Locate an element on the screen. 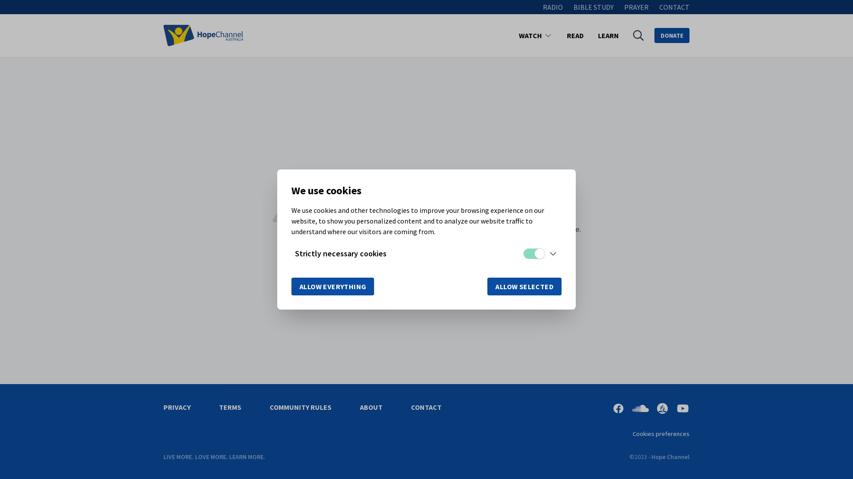 This screenshot has width=853, height=479. 'DONATE' is located at coordinates (672, 35).